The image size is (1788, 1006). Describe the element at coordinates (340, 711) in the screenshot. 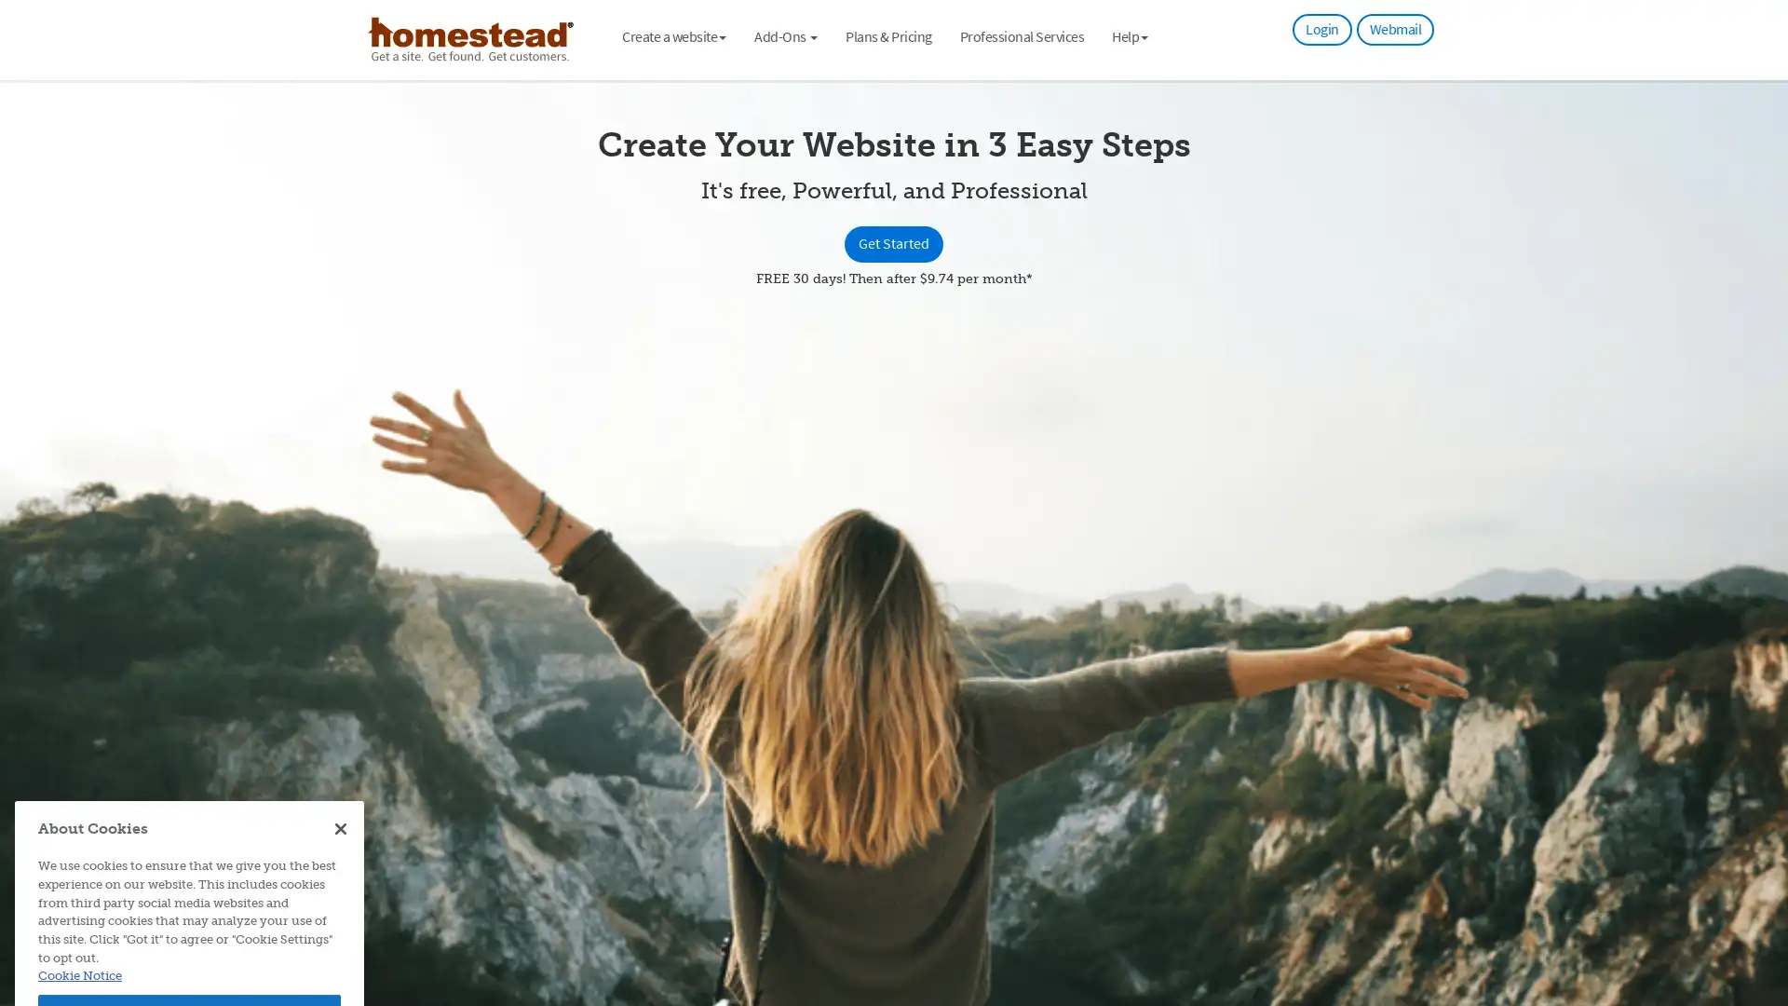

I see `Close` at that location.